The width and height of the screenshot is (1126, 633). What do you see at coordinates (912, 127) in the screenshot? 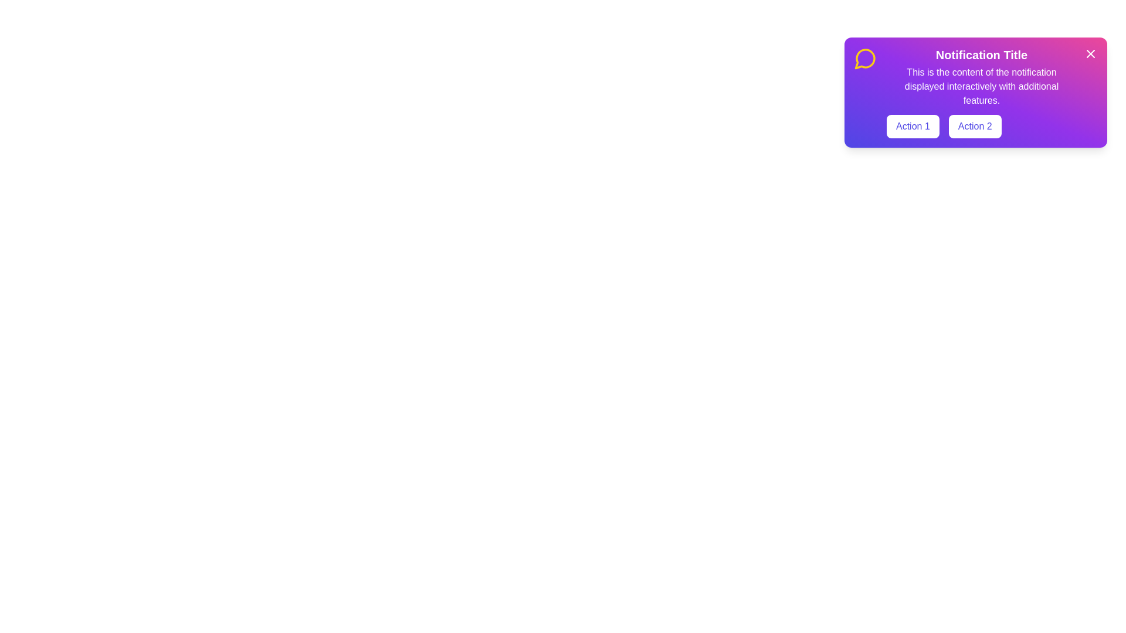
I see `the 'Action 1' button to trigger its function` at bounding box center [912, 127].